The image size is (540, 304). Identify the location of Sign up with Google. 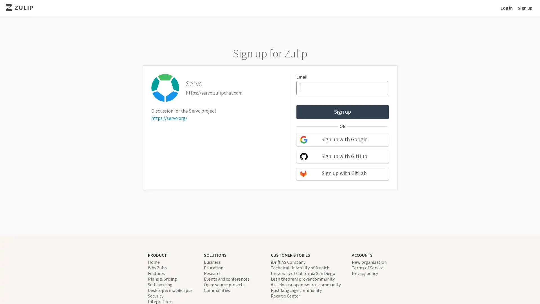
(342, 139).